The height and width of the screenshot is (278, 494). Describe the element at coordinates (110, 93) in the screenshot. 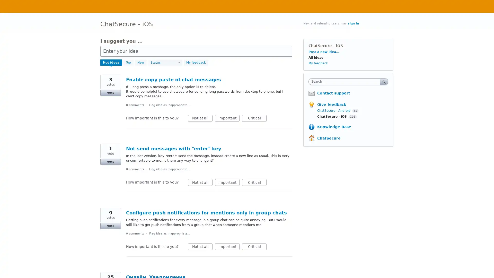

I see `Vote` at that location.